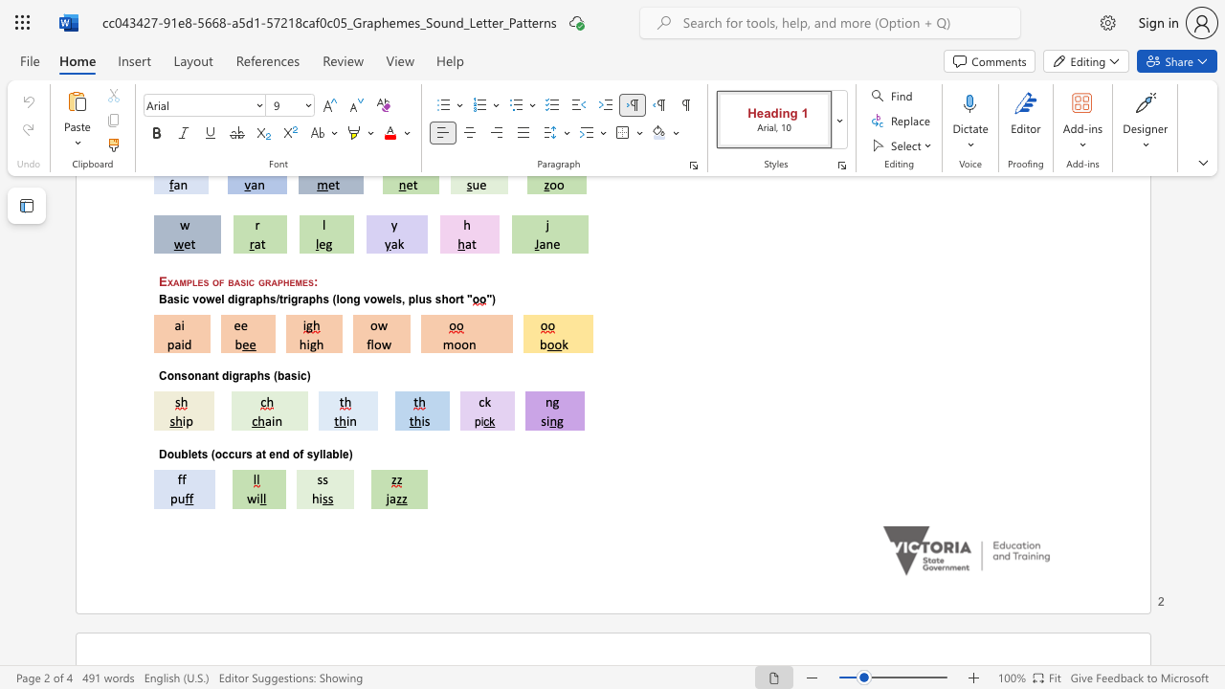  Describe the element at coordinates (268, 454) in the screenshot. I see `the subset text "end of syllabl" within the text "Doublets (occurs at end of syllable)"` at that location.